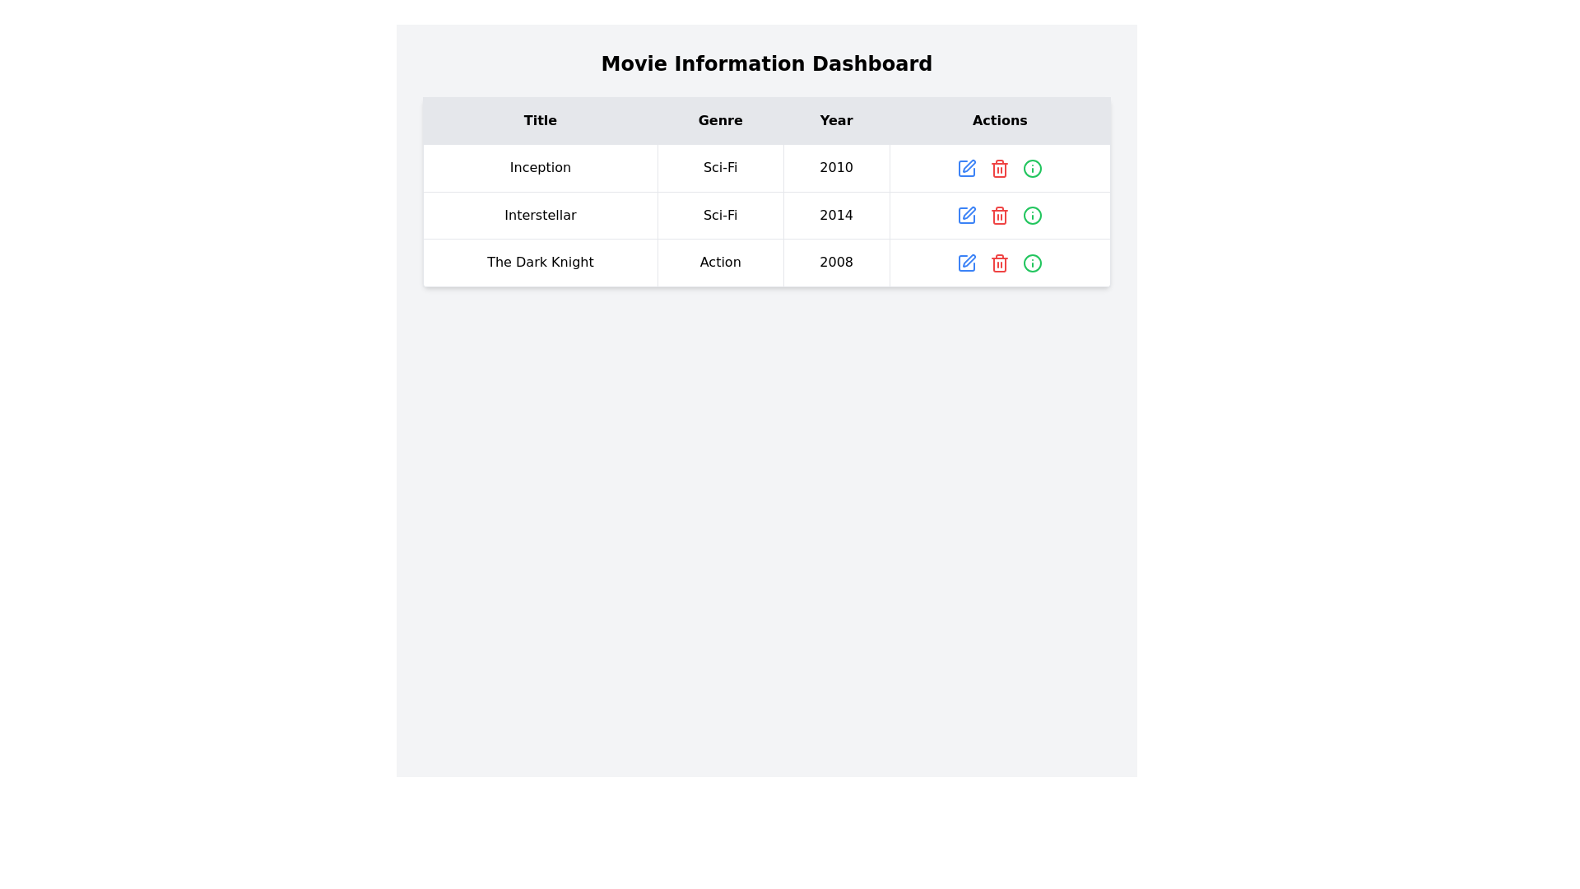  I want to click on the 'More Info' button, which is the fourth action button, so click(1032, 168).